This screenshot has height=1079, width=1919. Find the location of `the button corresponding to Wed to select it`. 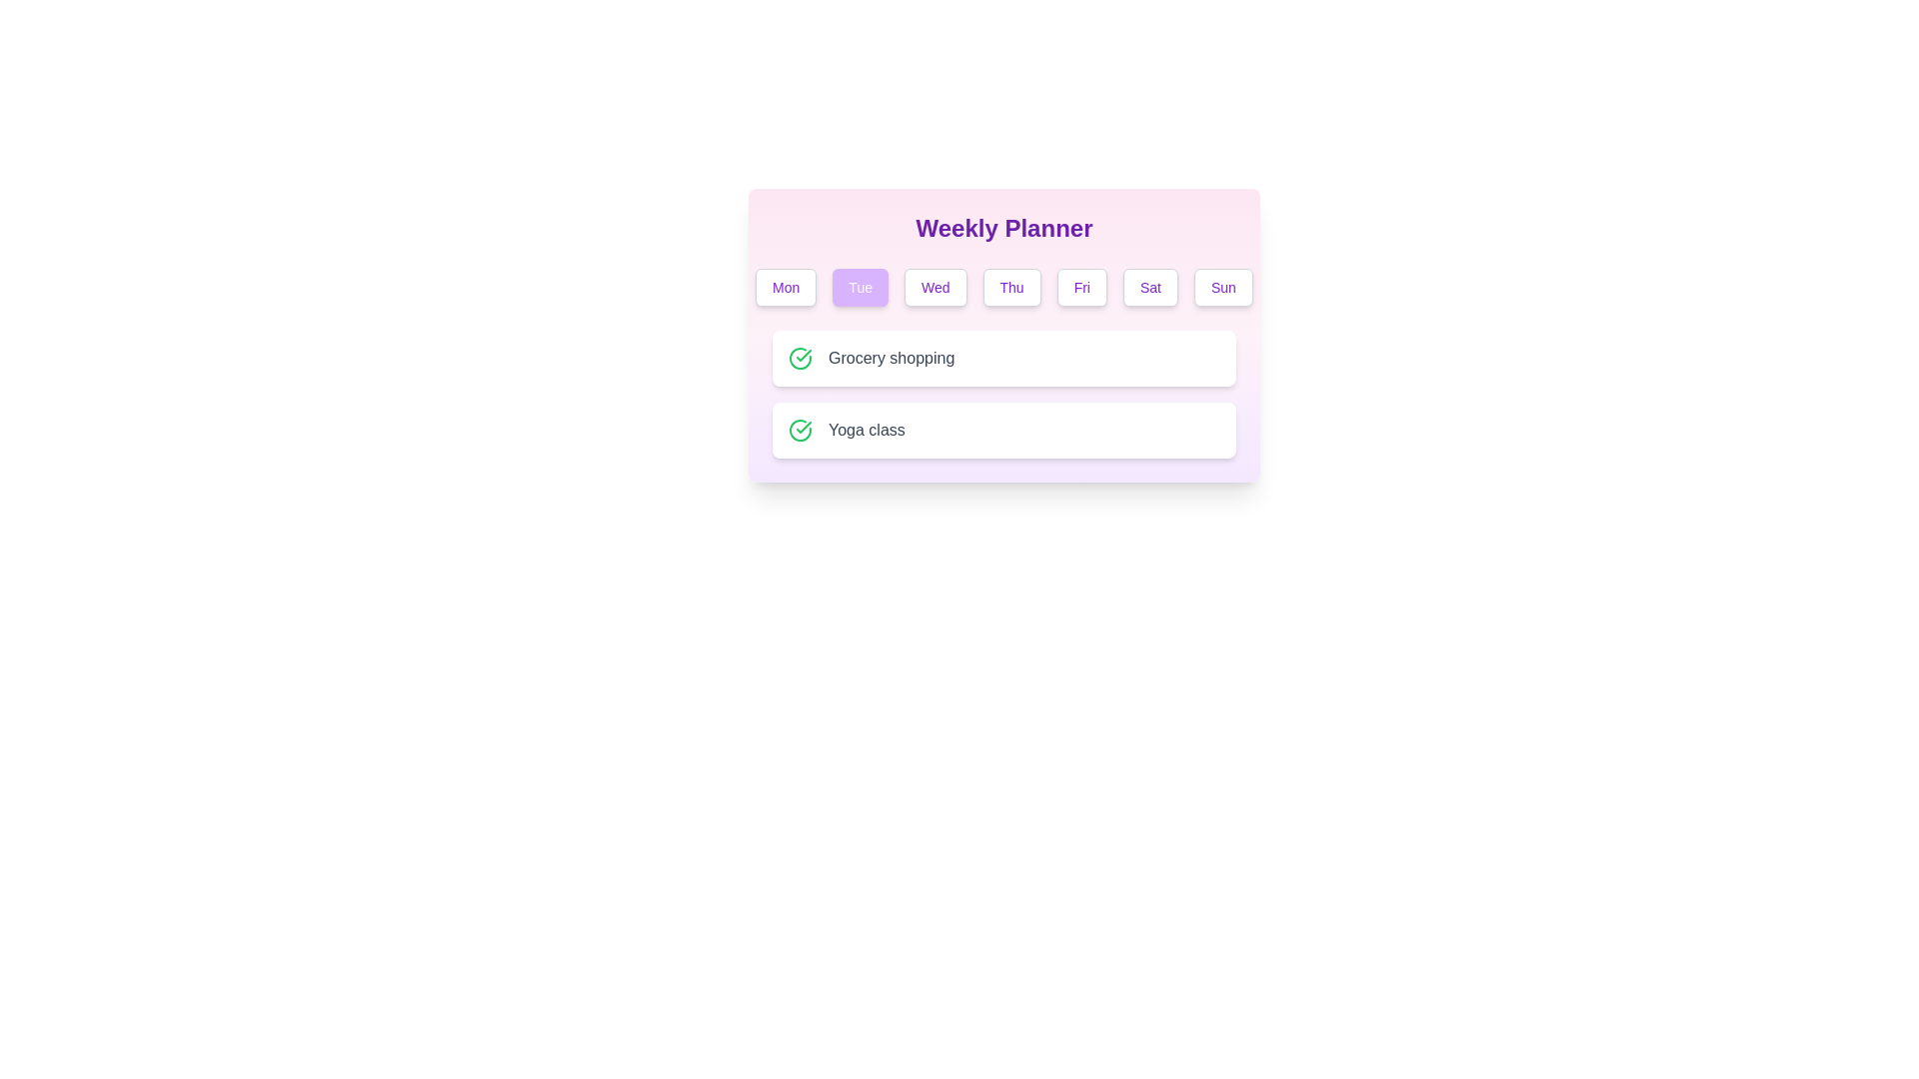

the button corresponding to Wed to select it is located at coordinates (935, 288).